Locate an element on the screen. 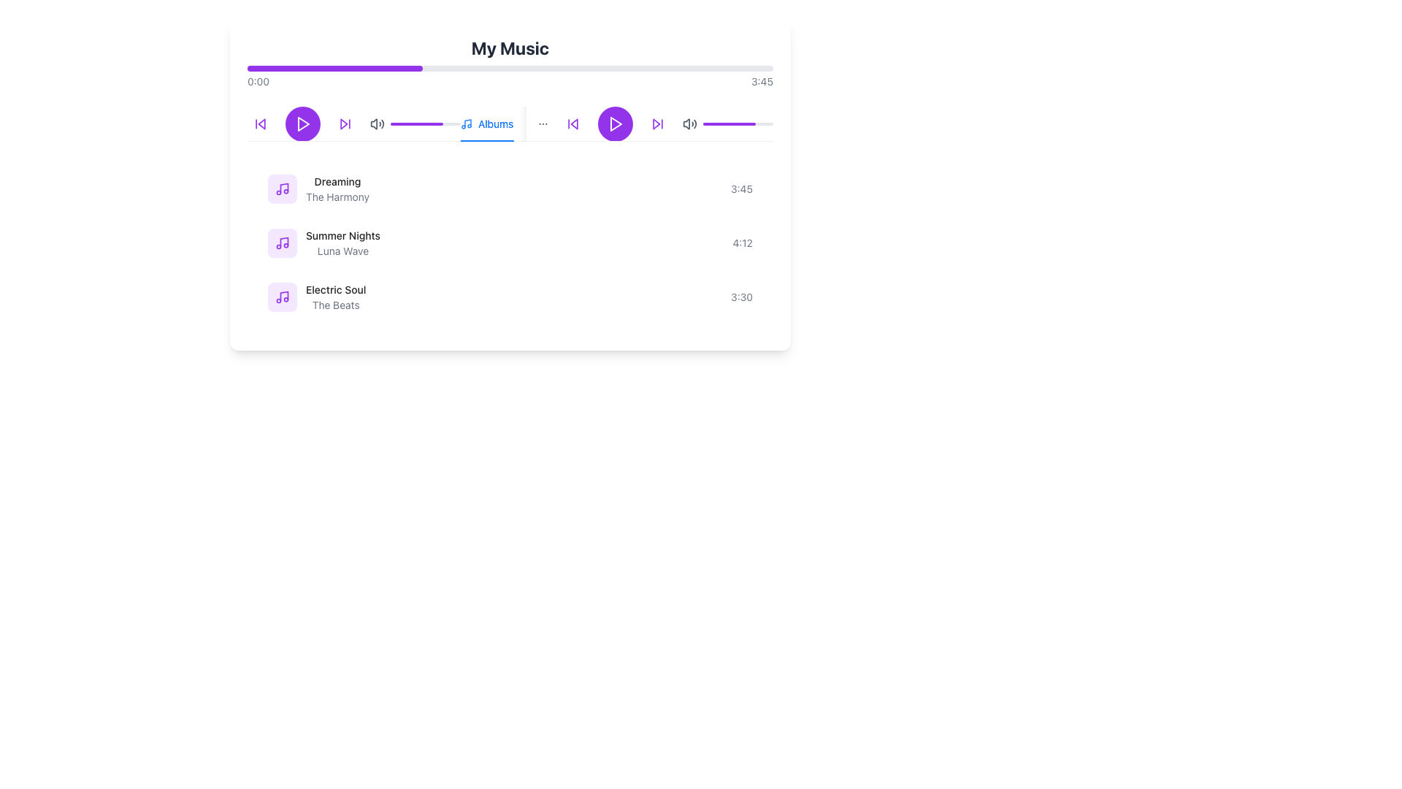 This screenshot has width=1402, height=789. the blue-colored, bold 'Albums' tab in the horizontal navigation bar is located at coordinates (494, 123).